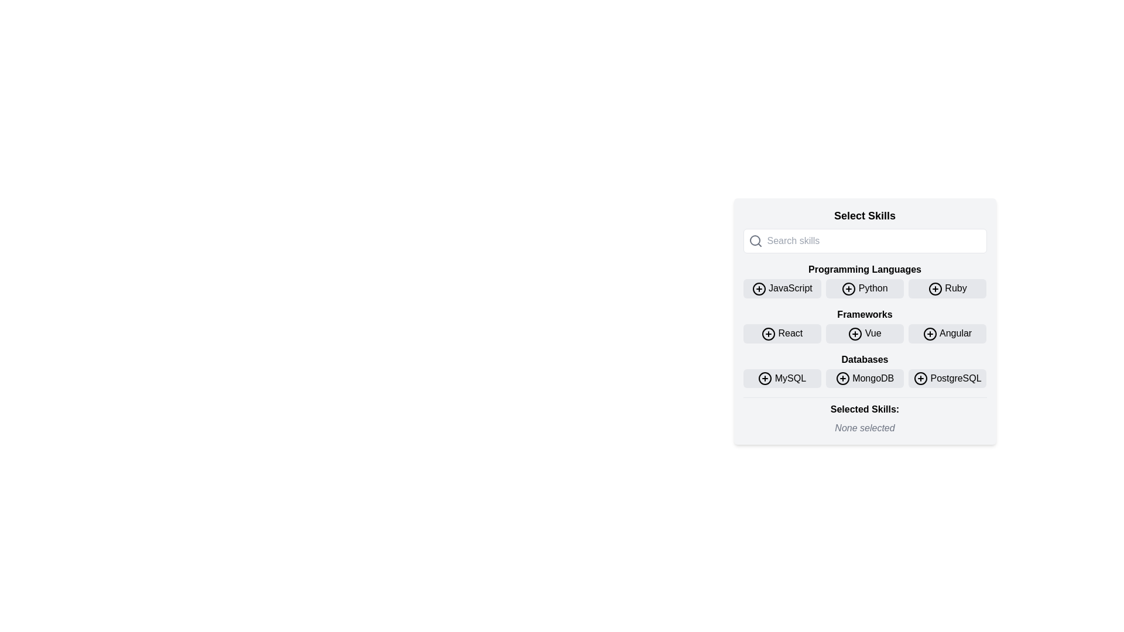 The height and width of the screenshot is (632, 1124). I want to click on the button icon for adding the 'JavaScript' skill, located to the left of its label text in the 'Programming Languages' section of the 'Select Skills' interface, so click(759, 288).